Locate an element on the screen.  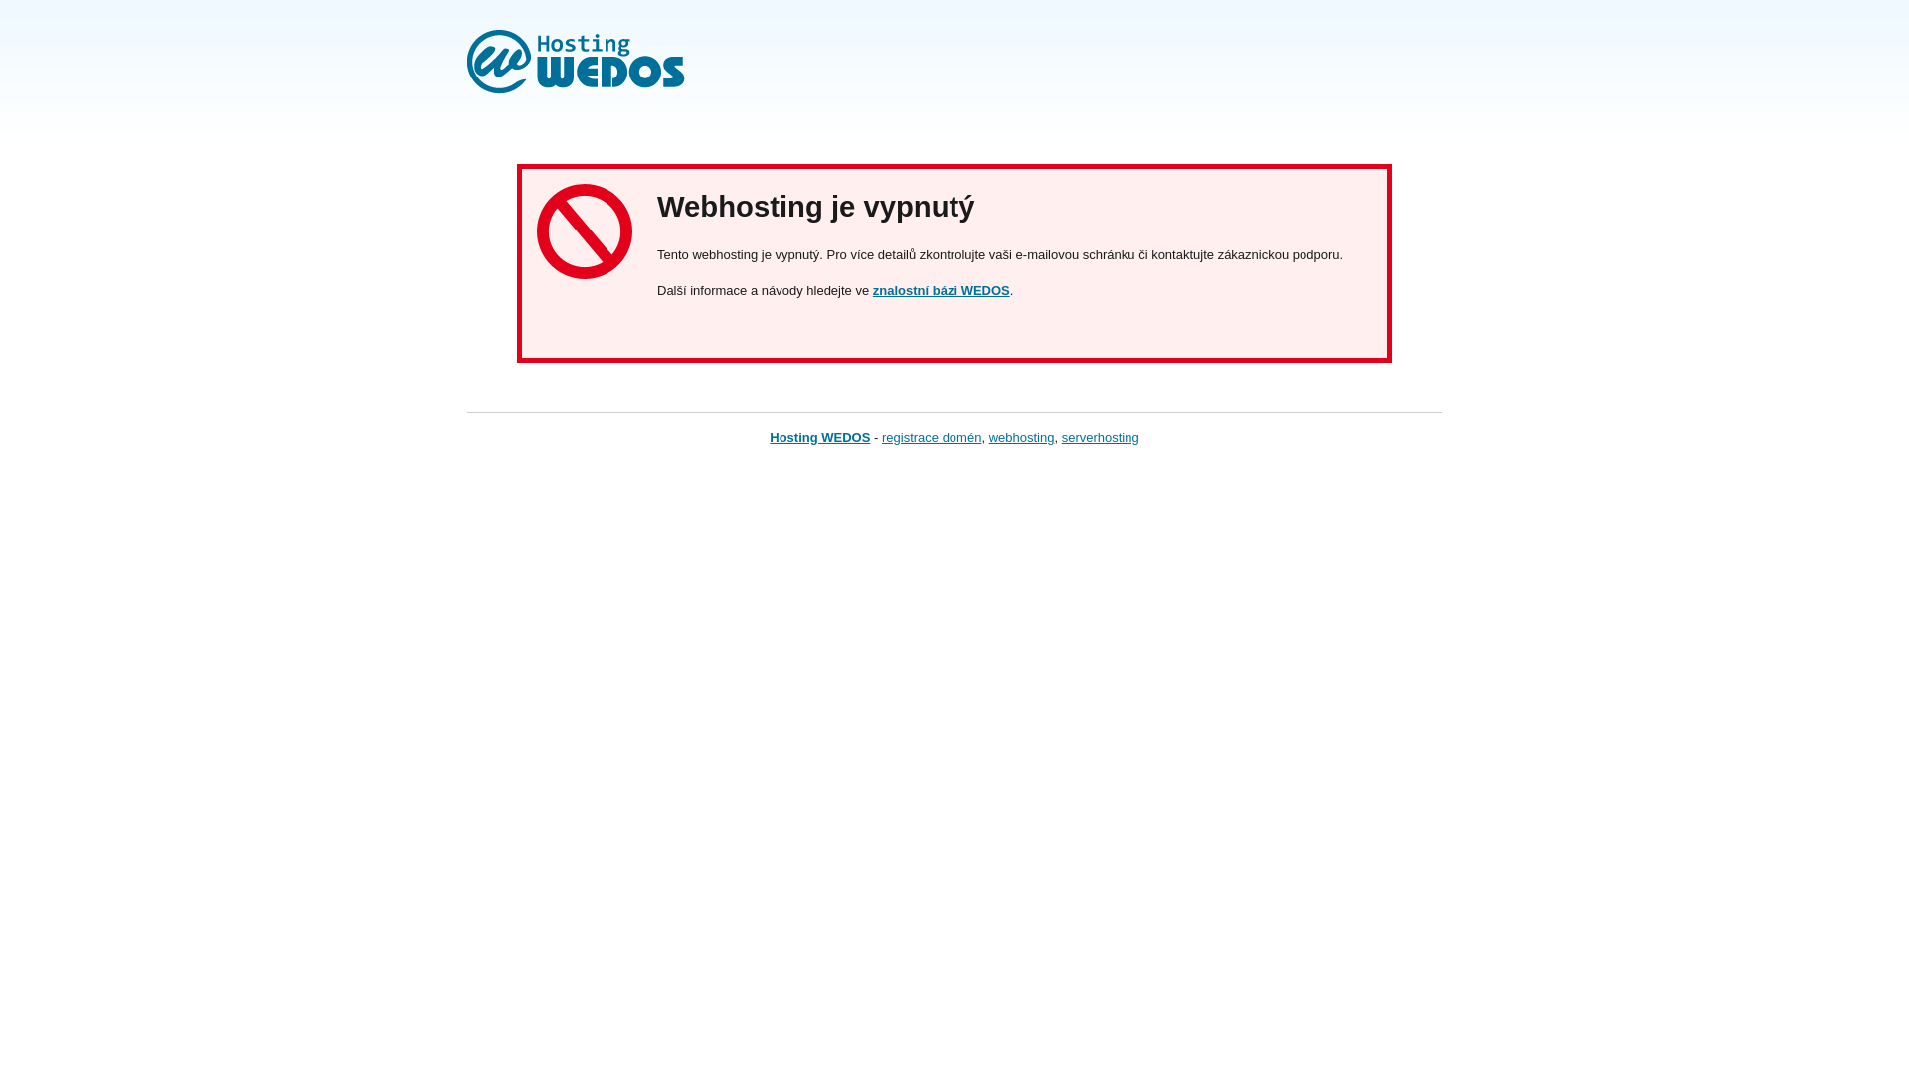
'serverhosting' is located at coordinates (1100, 436).